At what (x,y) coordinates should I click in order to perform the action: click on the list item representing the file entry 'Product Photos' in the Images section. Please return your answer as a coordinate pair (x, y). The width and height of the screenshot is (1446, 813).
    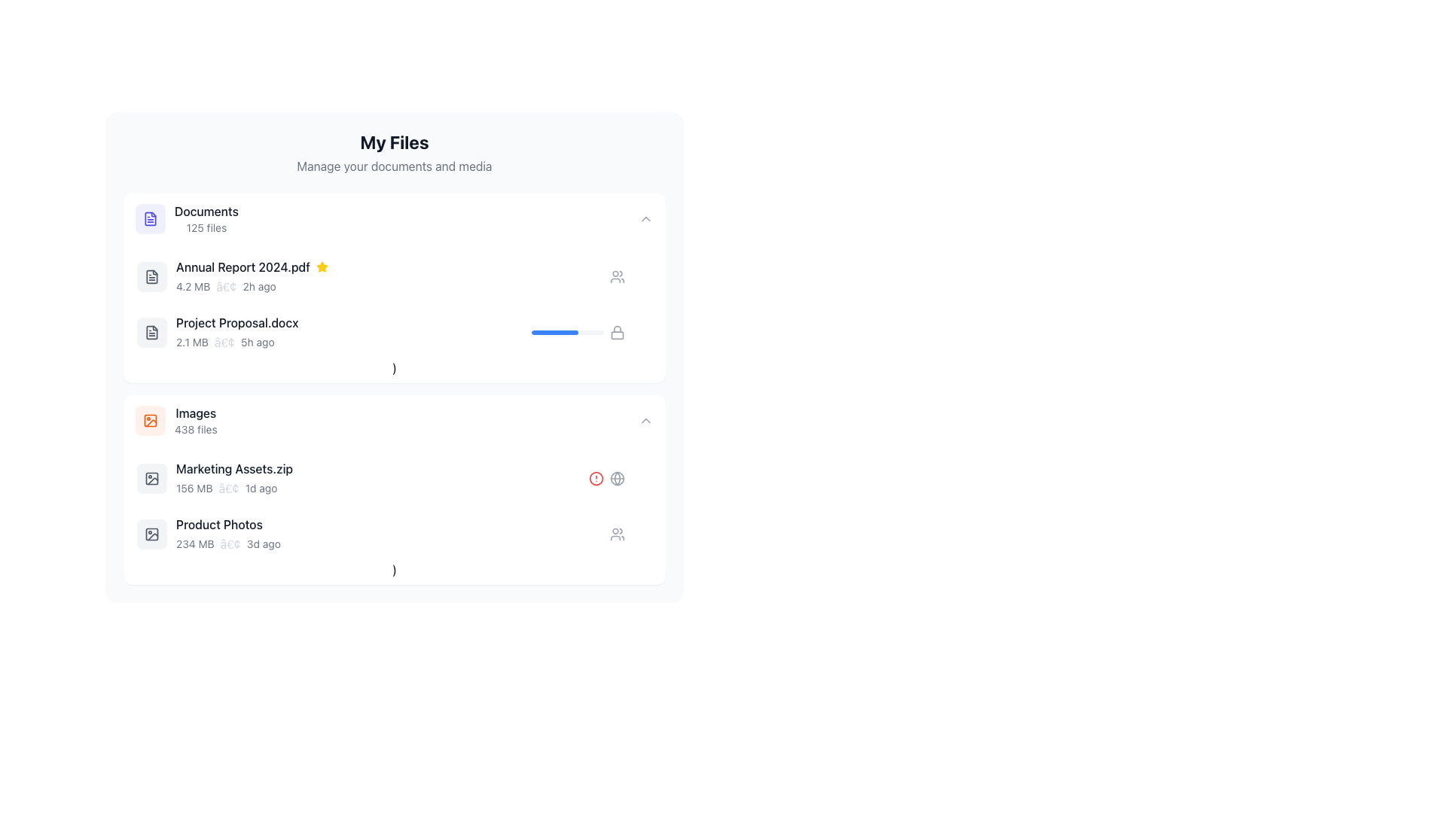
    Looking at the image, I should click on (394, 533).